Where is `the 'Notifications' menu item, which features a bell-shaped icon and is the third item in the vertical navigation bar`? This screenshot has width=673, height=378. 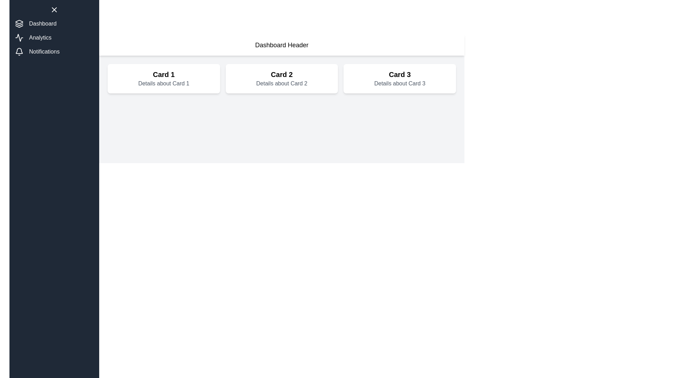
the 'Notifications' menu item, which features a bell-shaped icon and is the third item in the vertical navigation bar is located at coordinates (54, 51).